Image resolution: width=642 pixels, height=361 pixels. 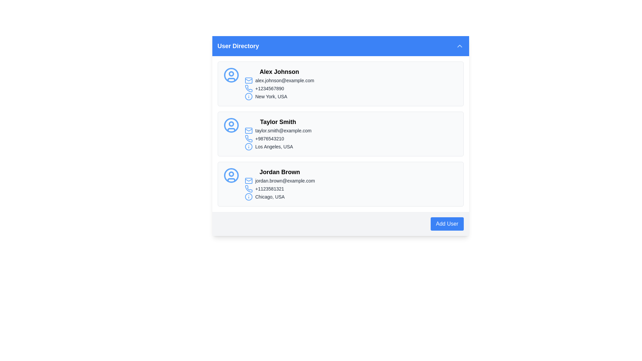 I want to click on information provided in the text label displaying 'Los Angeles, USA' located in the bottom row of the contact card for 'Taylor Smith.', so click(x=278, y=146).